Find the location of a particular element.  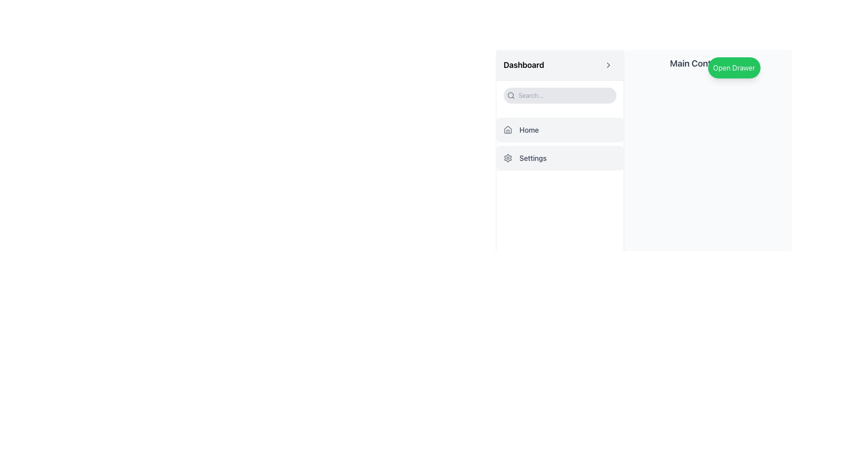

the graphical icon shaped like a house roof, which is located above the 'Home' text in the vertical menu layout is located at coordinates (508, 129).